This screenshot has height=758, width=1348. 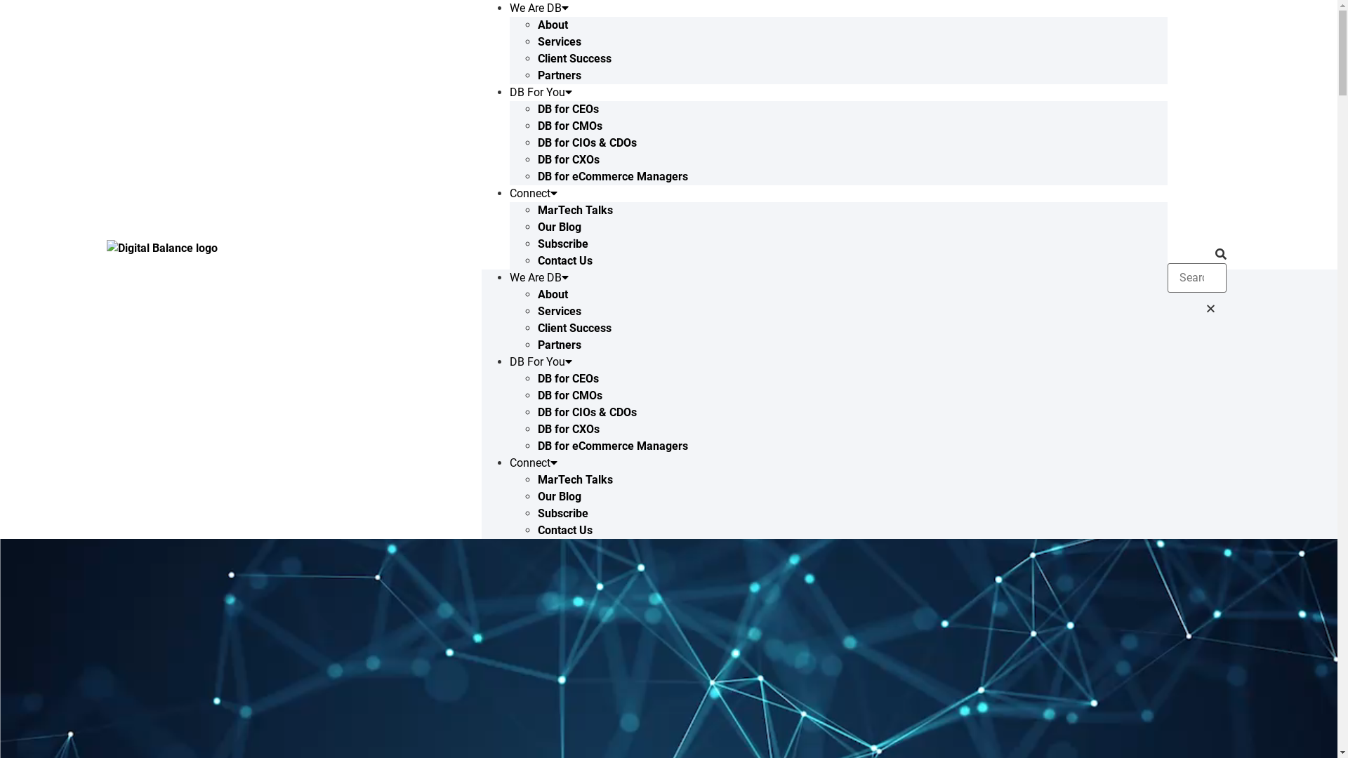 I want to click on 'DB for eCommerce Managers', so click(x=613, y=175).